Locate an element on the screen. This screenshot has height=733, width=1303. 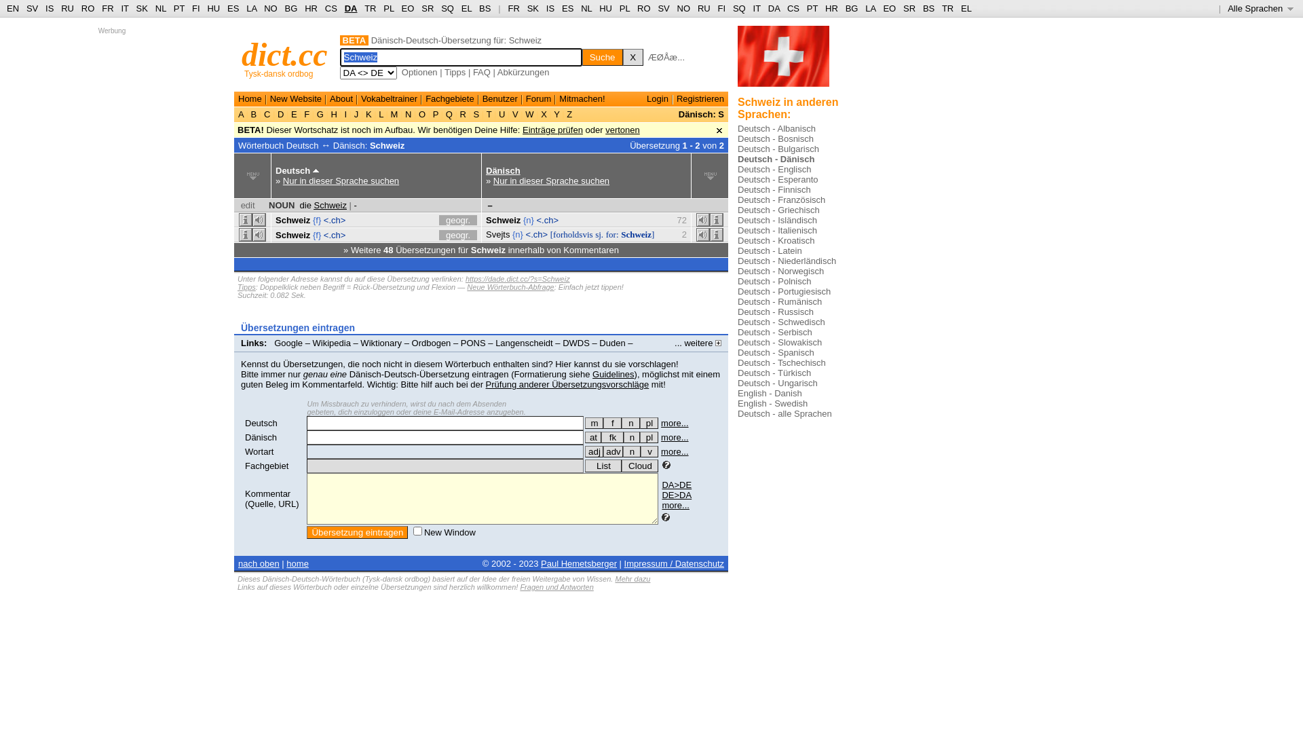
'E' is located at coordinates (292, 113).